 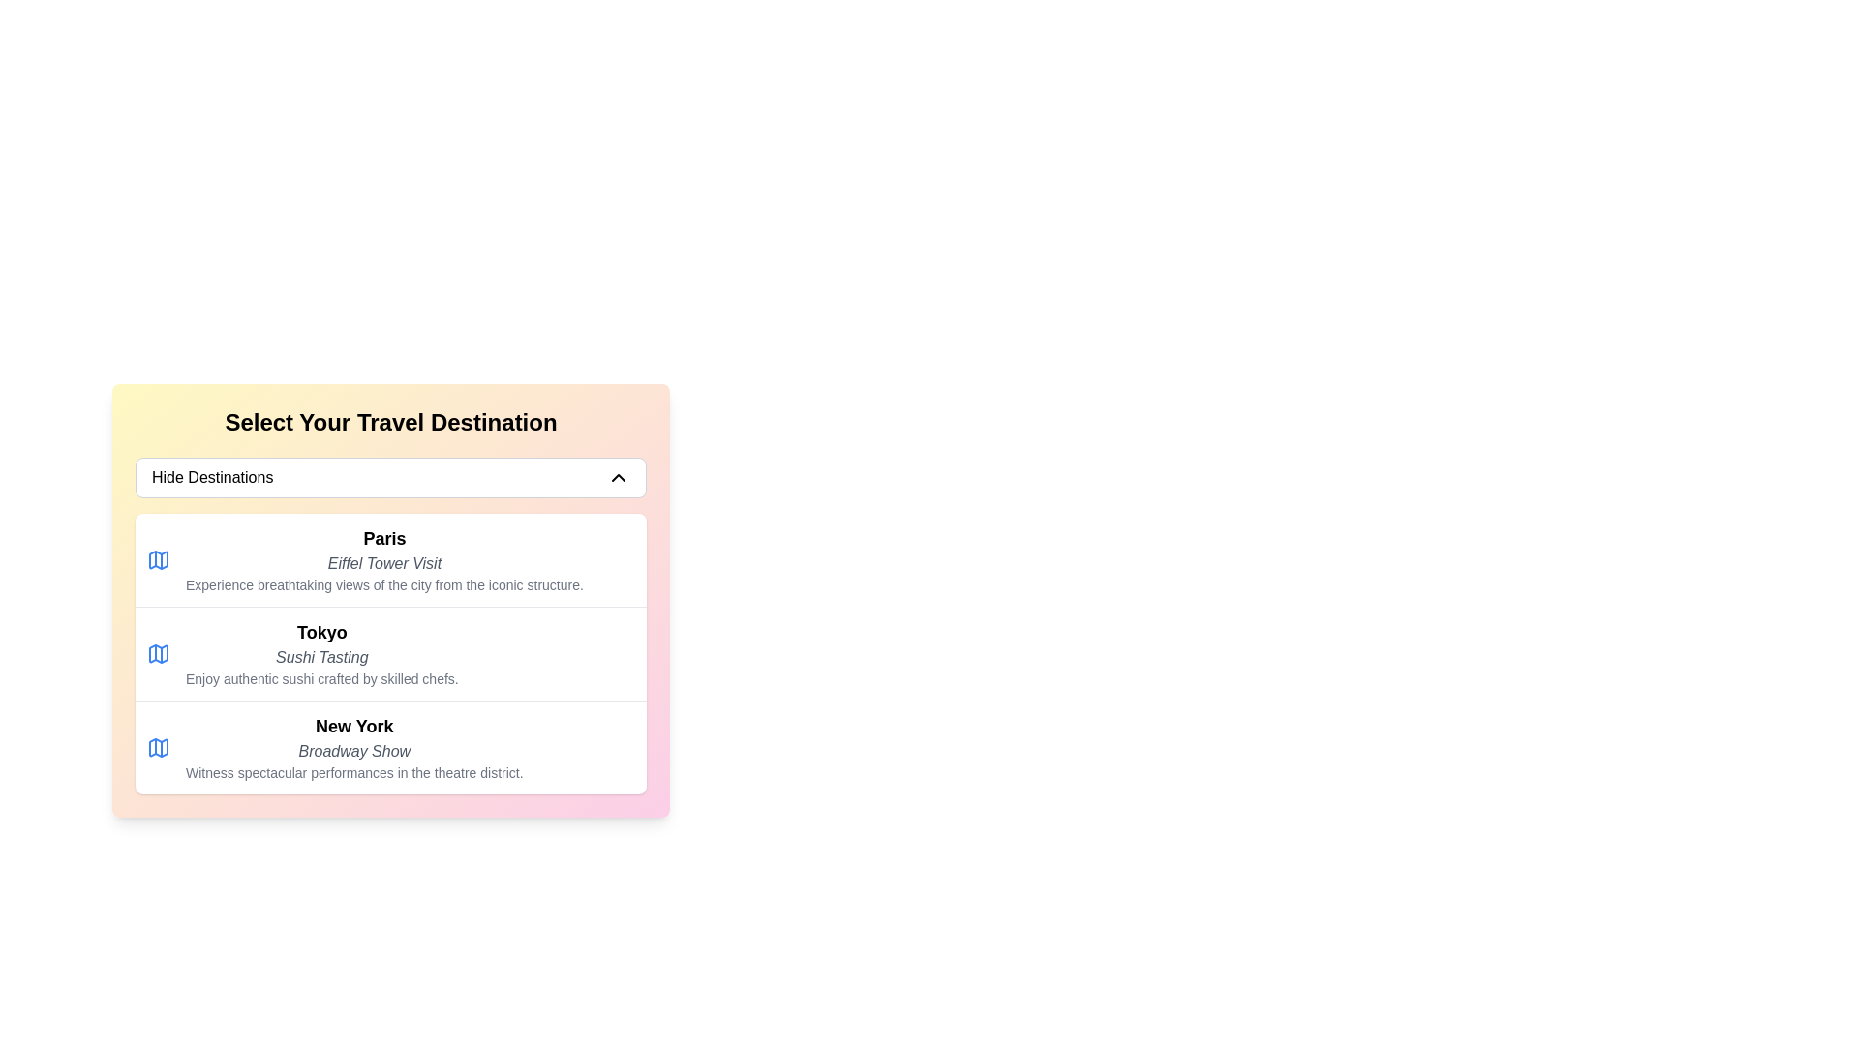 I want to click on the text element styled in bold and large font that reads 'New York', which is positioned prominently as a title within the travel destination description, so click(x=354, y=727).